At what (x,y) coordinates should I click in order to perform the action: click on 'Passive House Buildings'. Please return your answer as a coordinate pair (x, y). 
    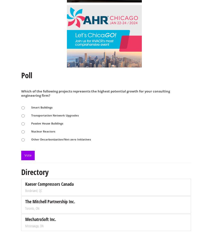
    Looking at the image, I should click on (47, 123).